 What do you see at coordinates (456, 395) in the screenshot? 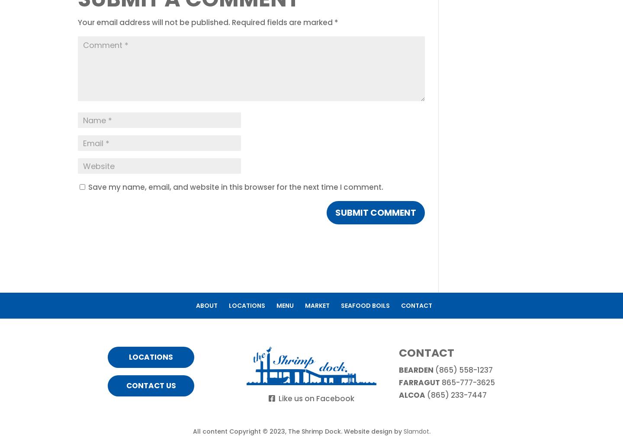
I see `'(865) 233-7447'` at bounding box center [456, 395].